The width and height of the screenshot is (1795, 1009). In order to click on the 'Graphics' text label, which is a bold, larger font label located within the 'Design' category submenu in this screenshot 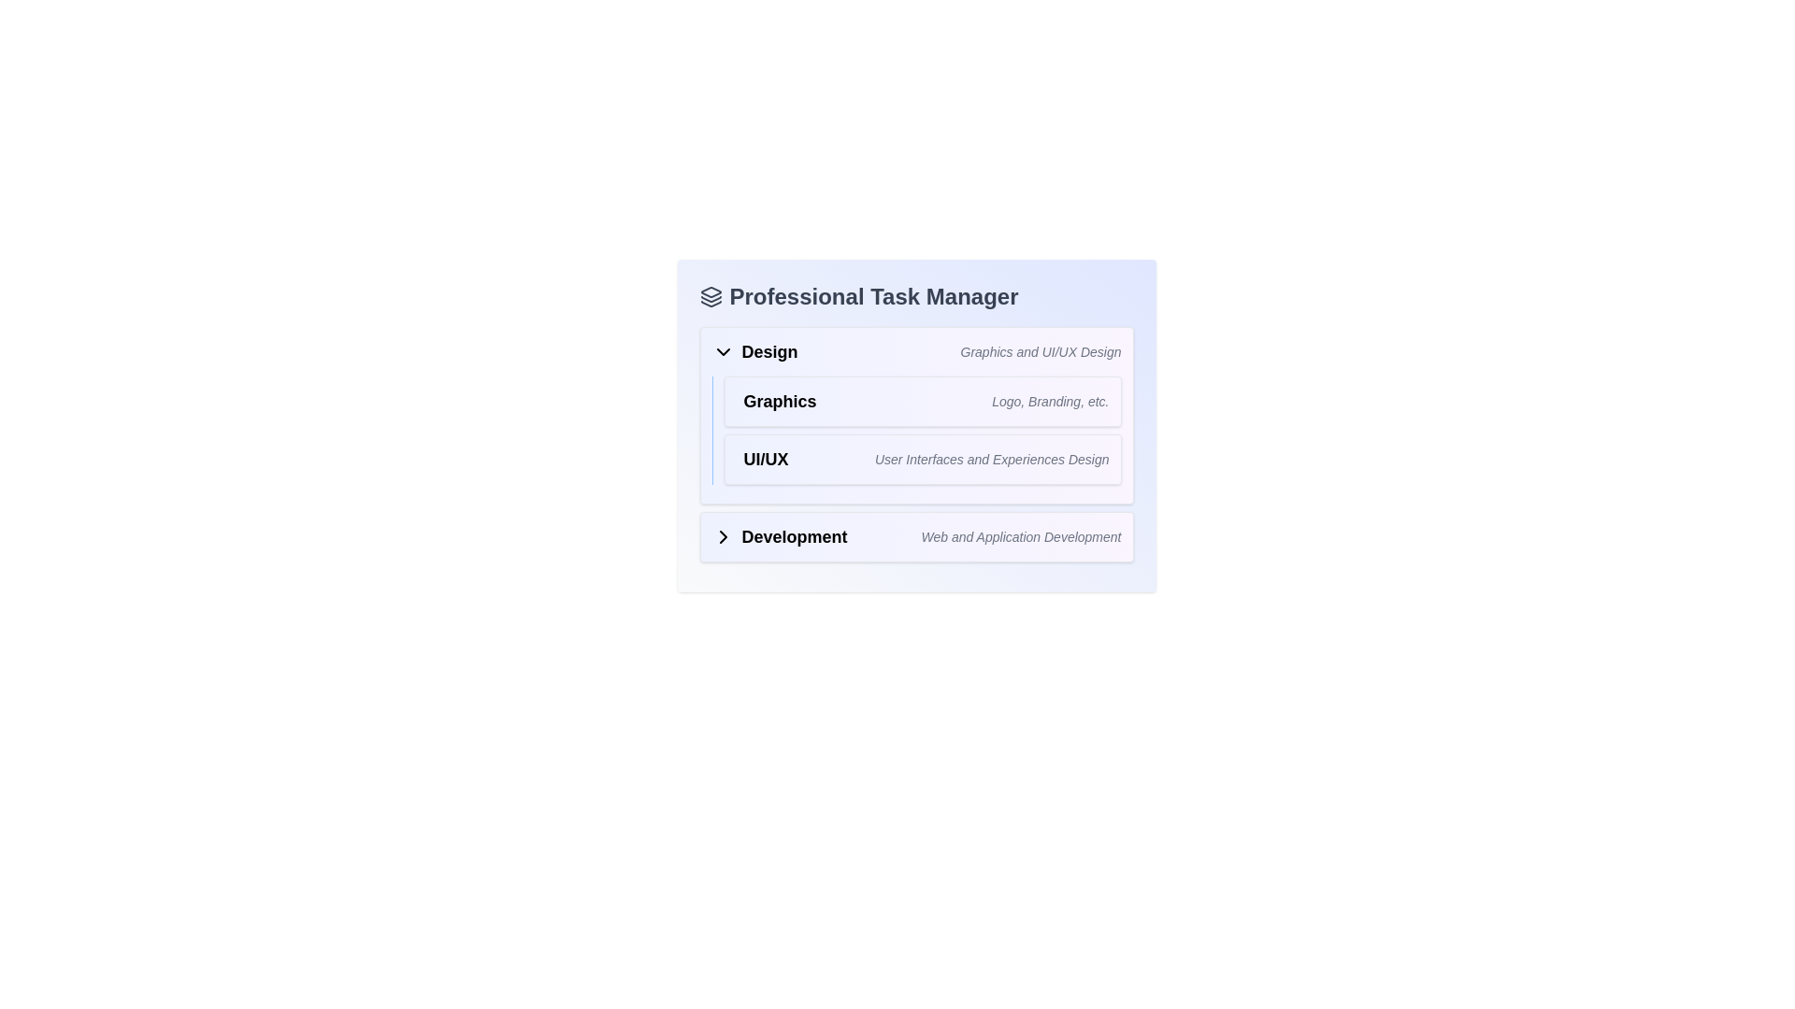, I will do `click(780, 400)`.